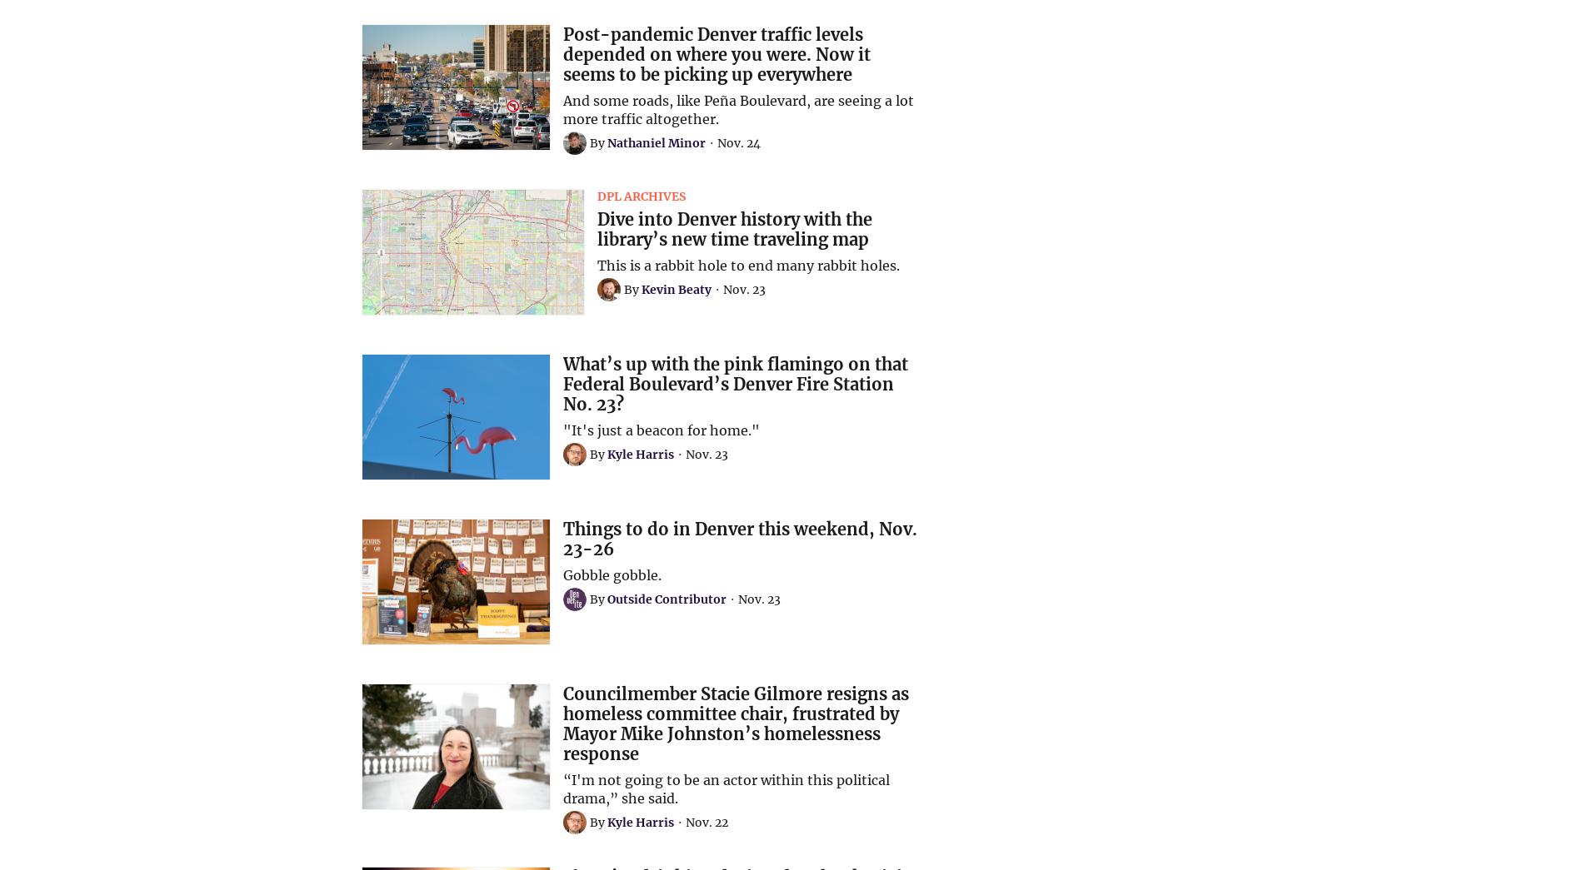  Describe the element at coordinates (597, 228) in the screenshot. I see `'Dive into Denver history with the library’s new time traveling map'` at that location.